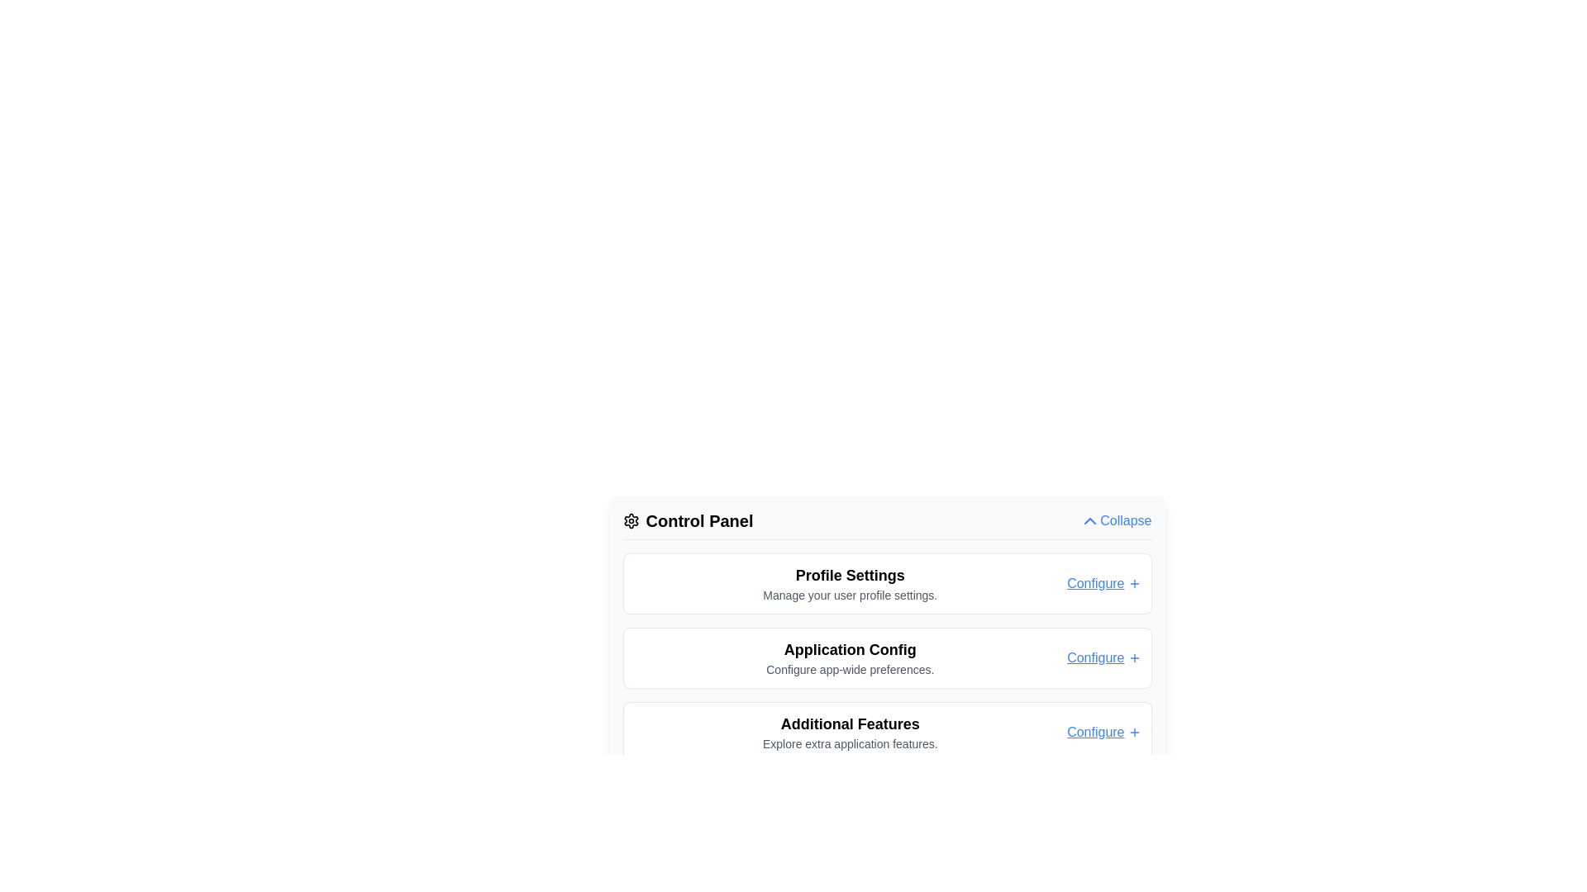 This screenshot has height=892, width=1587. I want to click on the Text Block titled 'Application Config' which contains a bold header and a descriptive subtitle, located in the Control Panel below 'Profile Settings' and above 'Additional Features', so click(850, 657).